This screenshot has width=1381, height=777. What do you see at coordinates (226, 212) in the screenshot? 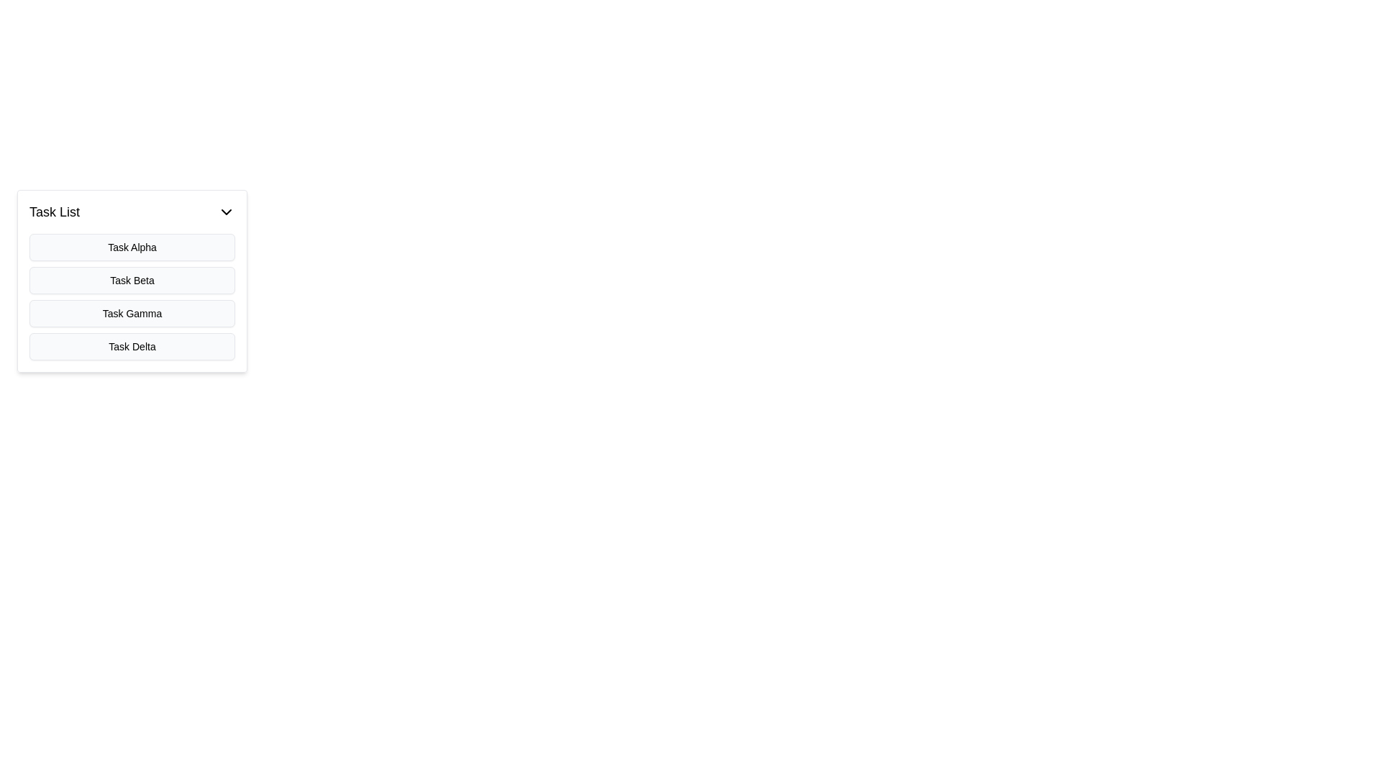
I see `the downward-pointing arrow icon next to the 'Task List' text` at bounding box center [226, 212].